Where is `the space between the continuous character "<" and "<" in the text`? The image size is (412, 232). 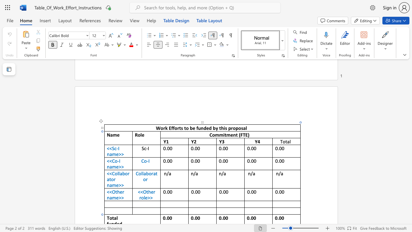
the space between the continuous character "<" and "<" in the text is located at coordinates (109, 160).